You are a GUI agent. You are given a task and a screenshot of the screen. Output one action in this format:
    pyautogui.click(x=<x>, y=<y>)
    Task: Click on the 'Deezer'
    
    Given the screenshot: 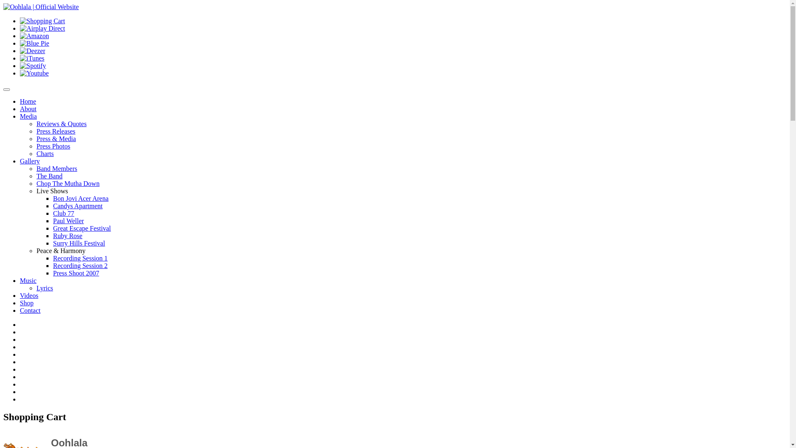 What is the action you would take?
    pyautogui.click(x=32, y=51)
    